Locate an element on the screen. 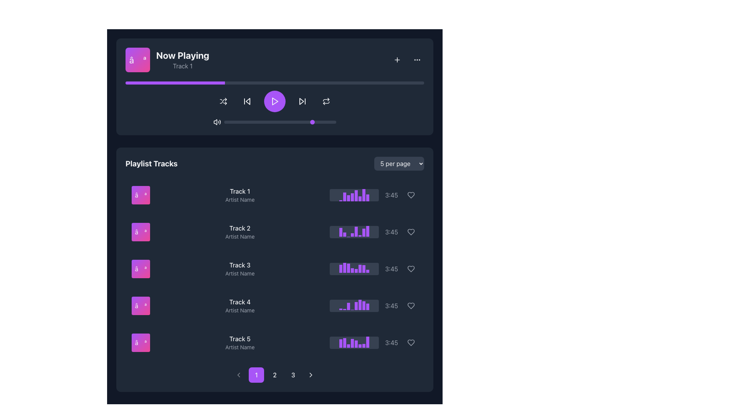 This screenshot has width=737, height=415. the heart-shaped icon with a hollow interior located next to the 'Track 2' entry in the 'Playlist Tracks' section for visual feedback is located at coordinates (410, 232).